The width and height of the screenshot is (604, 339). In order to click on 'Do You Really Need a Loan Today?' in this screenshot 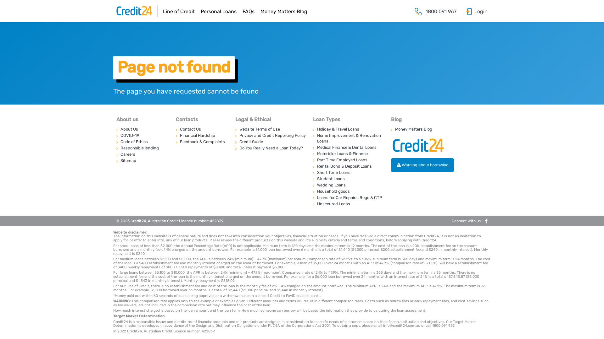, I will do `click(235, 148)`.